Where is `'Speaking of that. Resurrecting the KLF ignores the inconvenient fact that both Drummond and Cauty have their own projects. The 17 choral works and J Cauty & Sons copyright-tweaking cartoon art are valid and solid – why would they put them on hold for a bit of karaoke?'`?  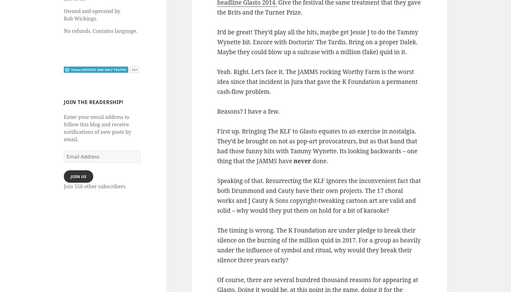 'Speaking of that. Resurrecting the KLF ignores the inconvenient fact that both Drummond and Cauty have their own projects. The 17 choral works and J Cauty & Sons copyright-tweaking cartoon art are valid and solid – why would they put them on hold for a bit of karaoke?' is located at coordinates (319, 195).